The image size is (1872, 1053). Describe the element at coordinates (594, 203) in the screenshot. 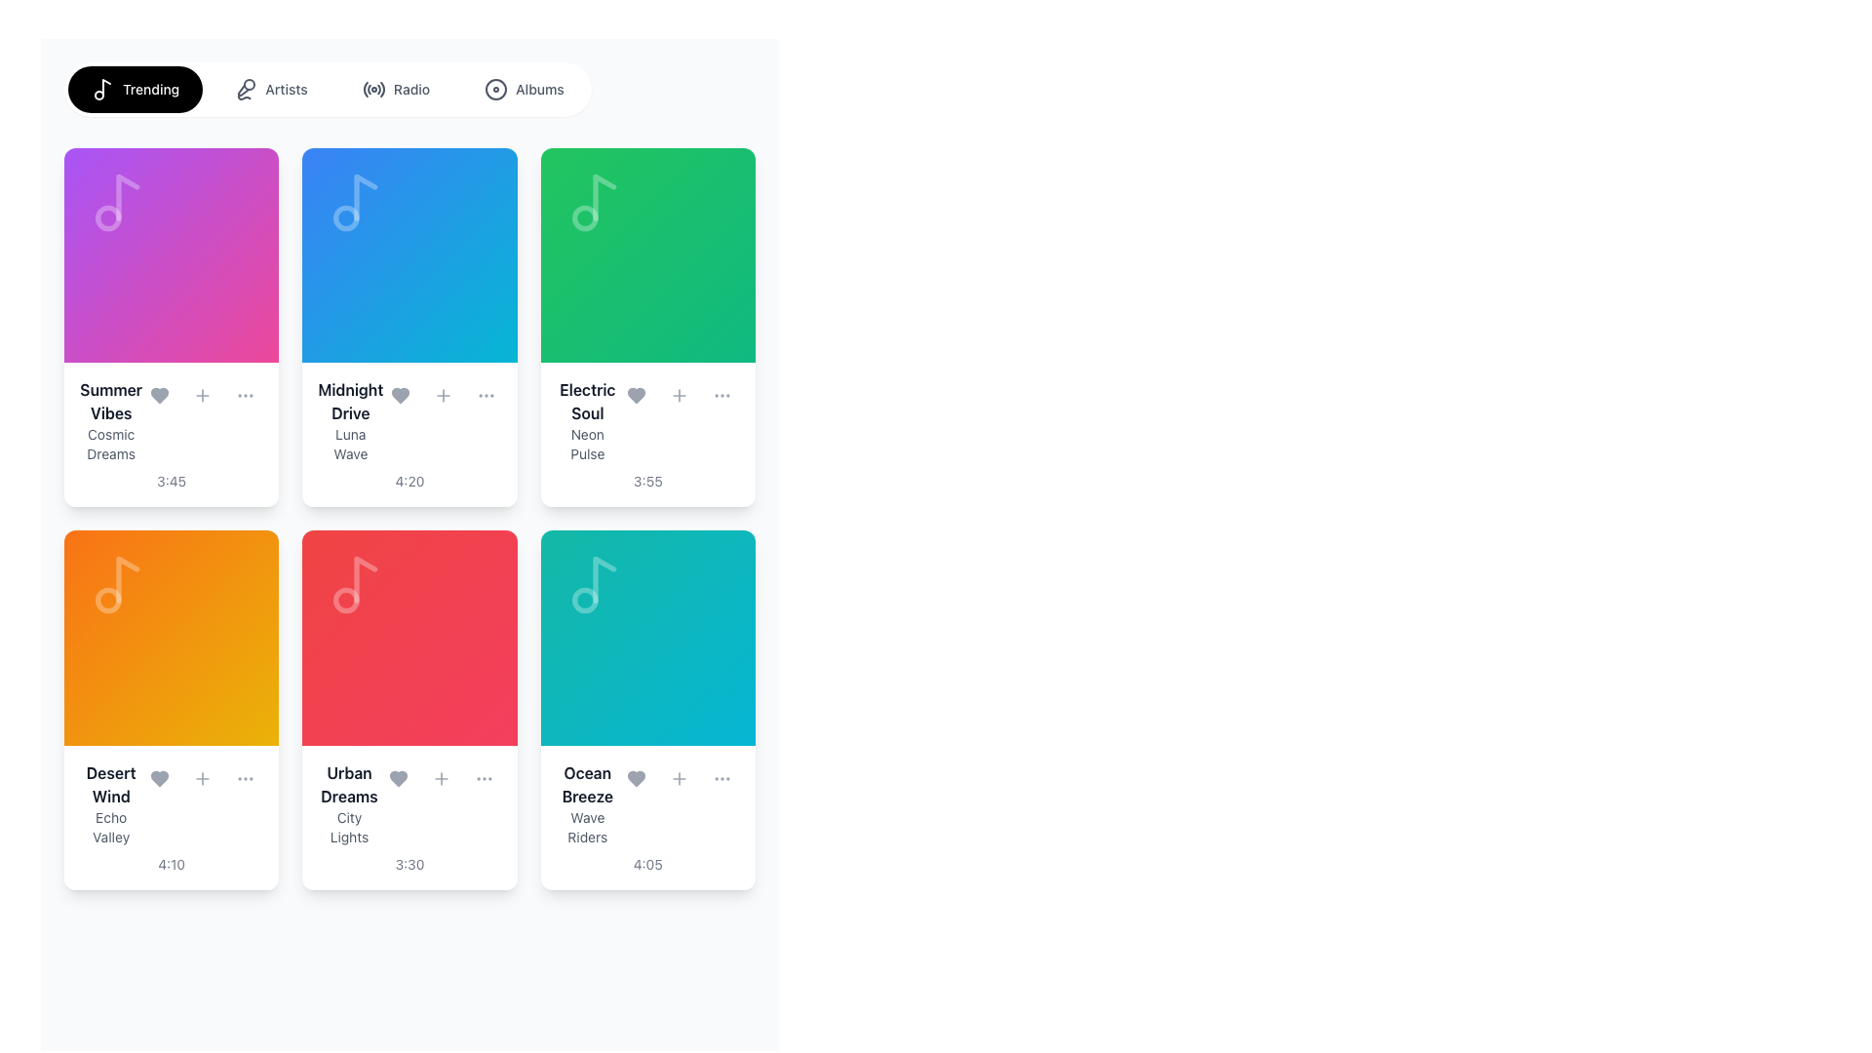

I see `the musical note icon, which is a minimalistic SVG vector graphic with a light gray color, located in the top area of the 'Electric Soul' card in the first row and third column of the grid` at that location.